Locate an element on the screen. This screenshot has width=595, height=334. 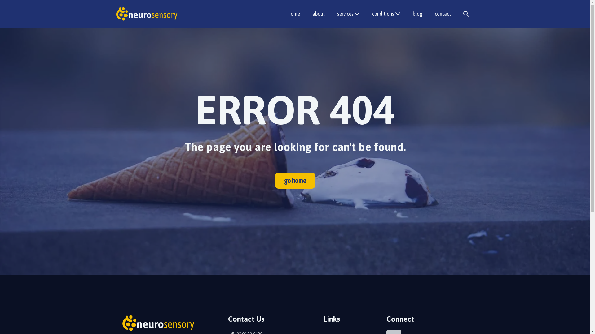
'Neurosensory' is located at coordinates (146, 14).